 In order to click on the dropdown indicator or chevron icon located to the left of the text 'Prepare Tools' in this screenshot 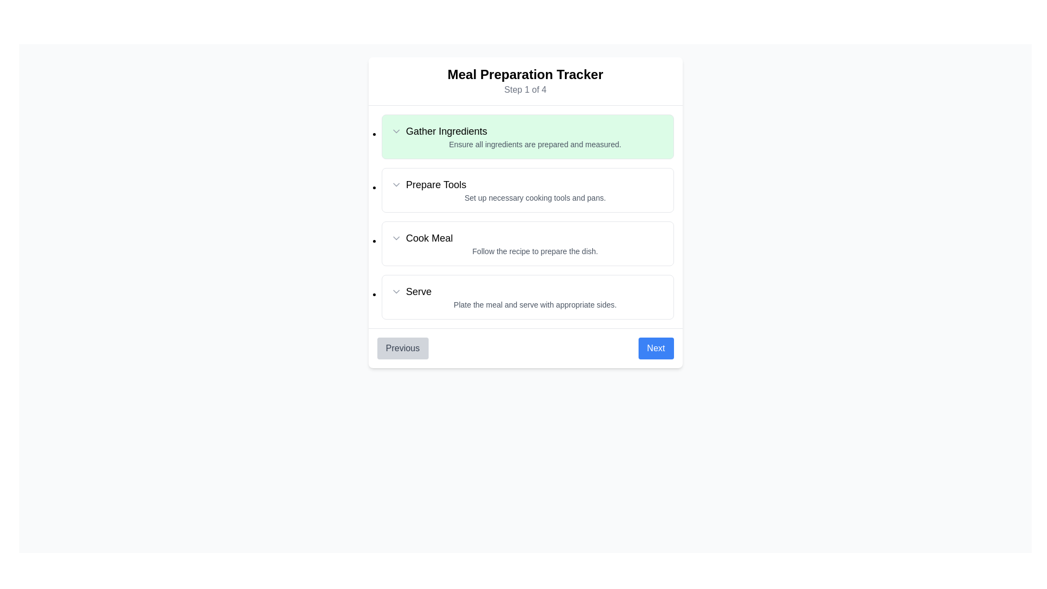, I will do `click(395, 184)`.